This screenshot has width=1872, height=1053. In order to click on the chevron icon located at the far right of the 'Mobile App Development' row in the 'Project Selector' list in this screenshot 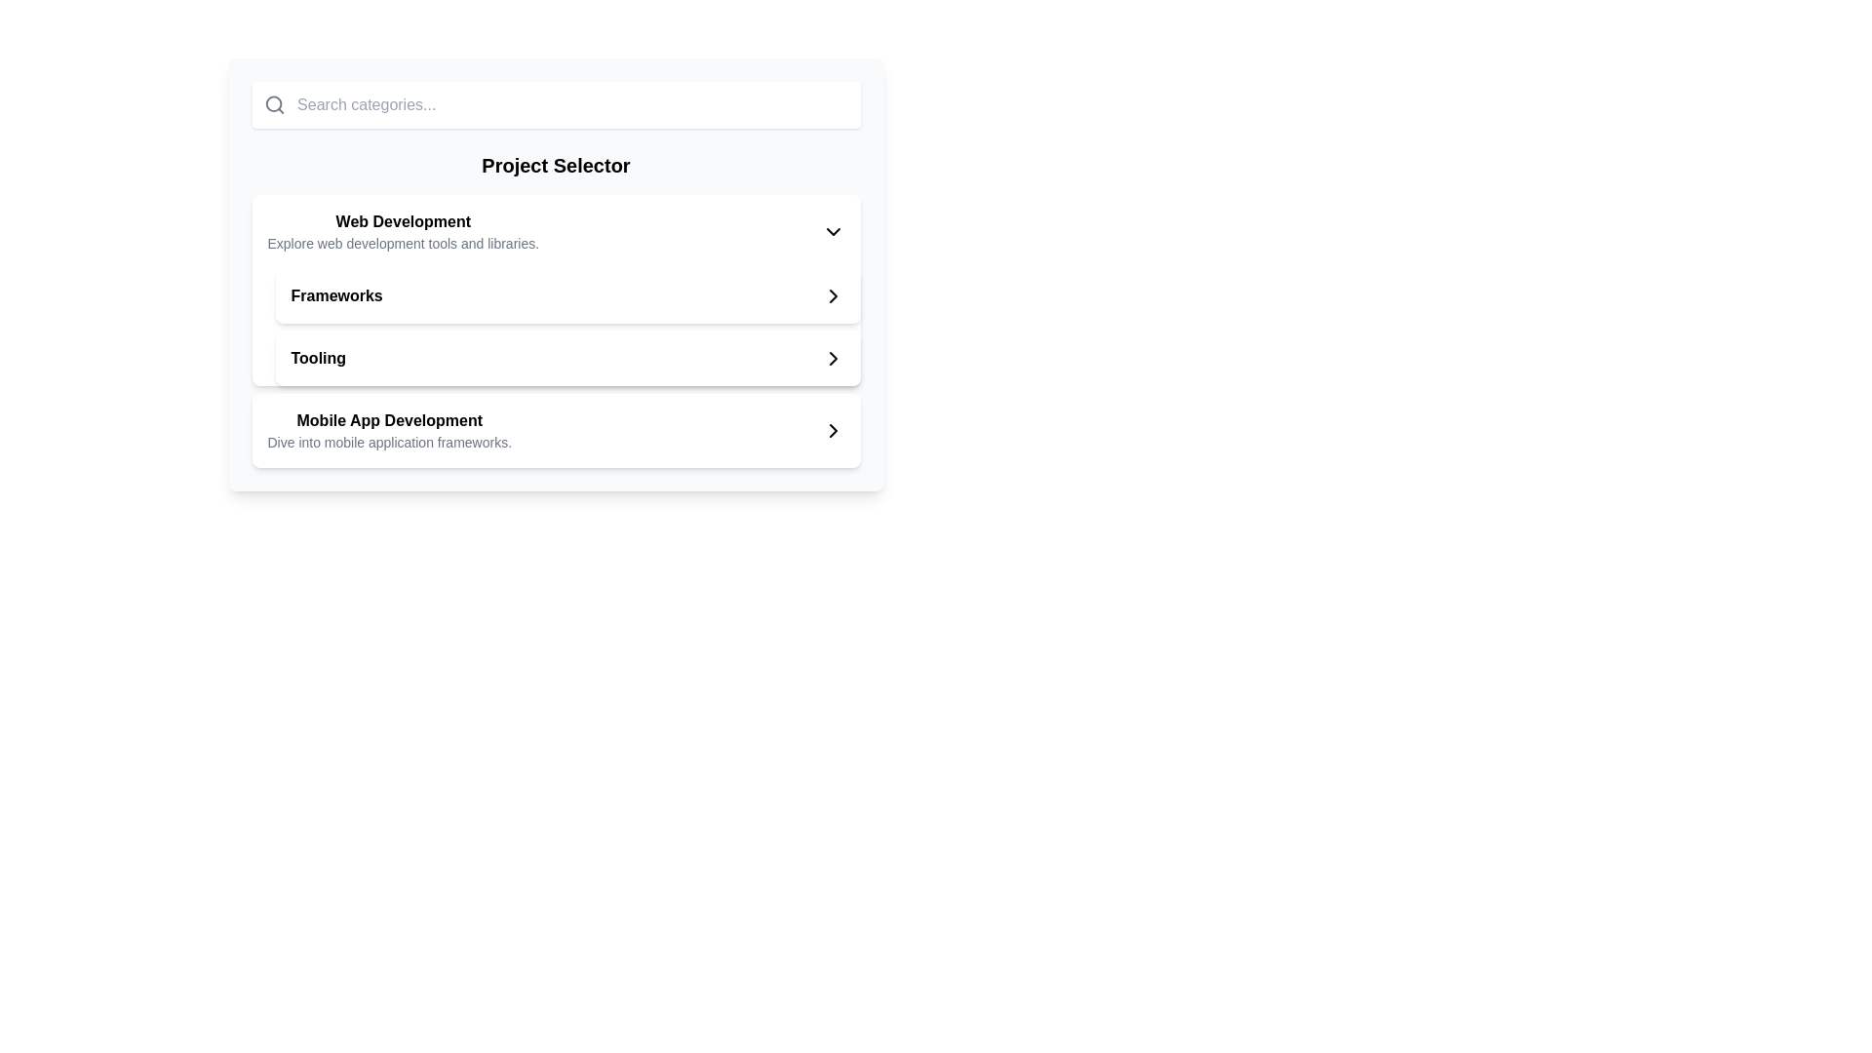, I will do `click(833, 430)`.